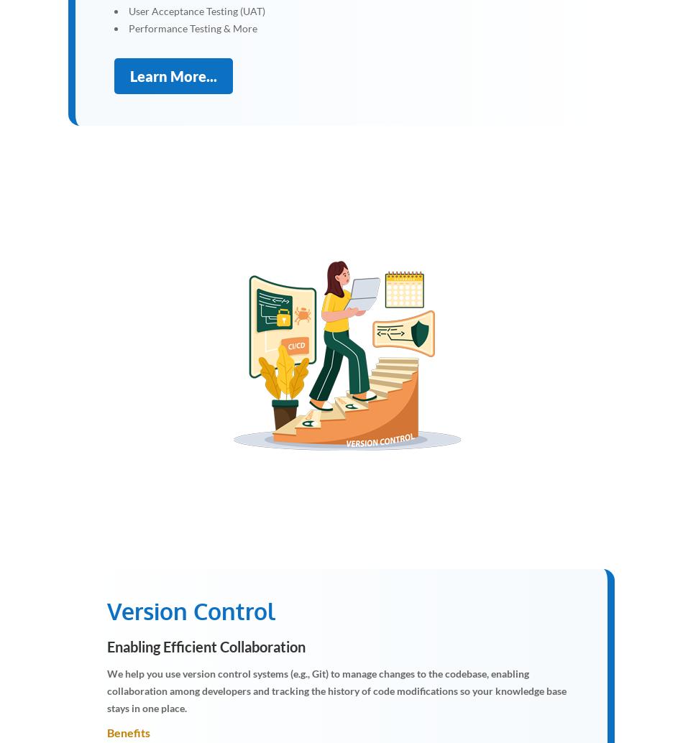 This screenshot has height=743, width=683. I want to click on 'We help you use version control systems (e.g., Git) to manage changes to the codebase, enabling collaboration among developers and tracking the history of code modifications so your knowledge base stays in one place.', so click(336, 689).